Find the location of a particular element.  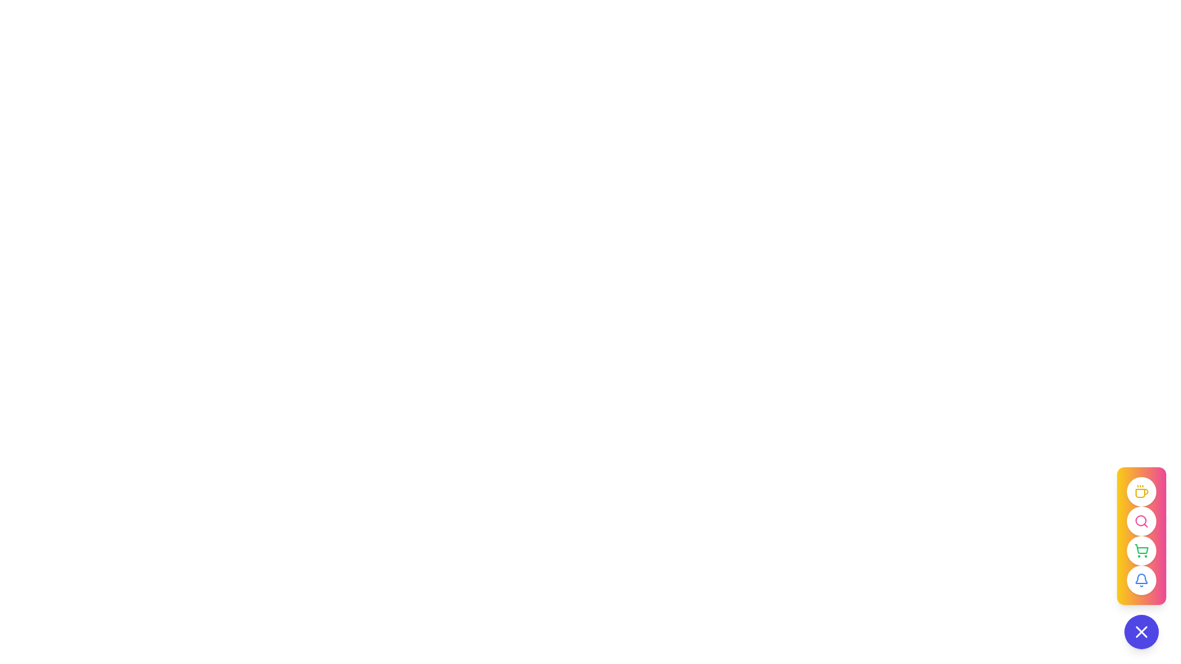

the circular button with a pink magnifying glass icon located in the sidebar is located at coordinates (1141, 521).